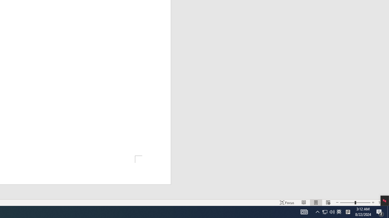 Image resolution: width=389 pixels, height=218 pixels. I want to click on 'Zoom 100%', so click(382, 203).